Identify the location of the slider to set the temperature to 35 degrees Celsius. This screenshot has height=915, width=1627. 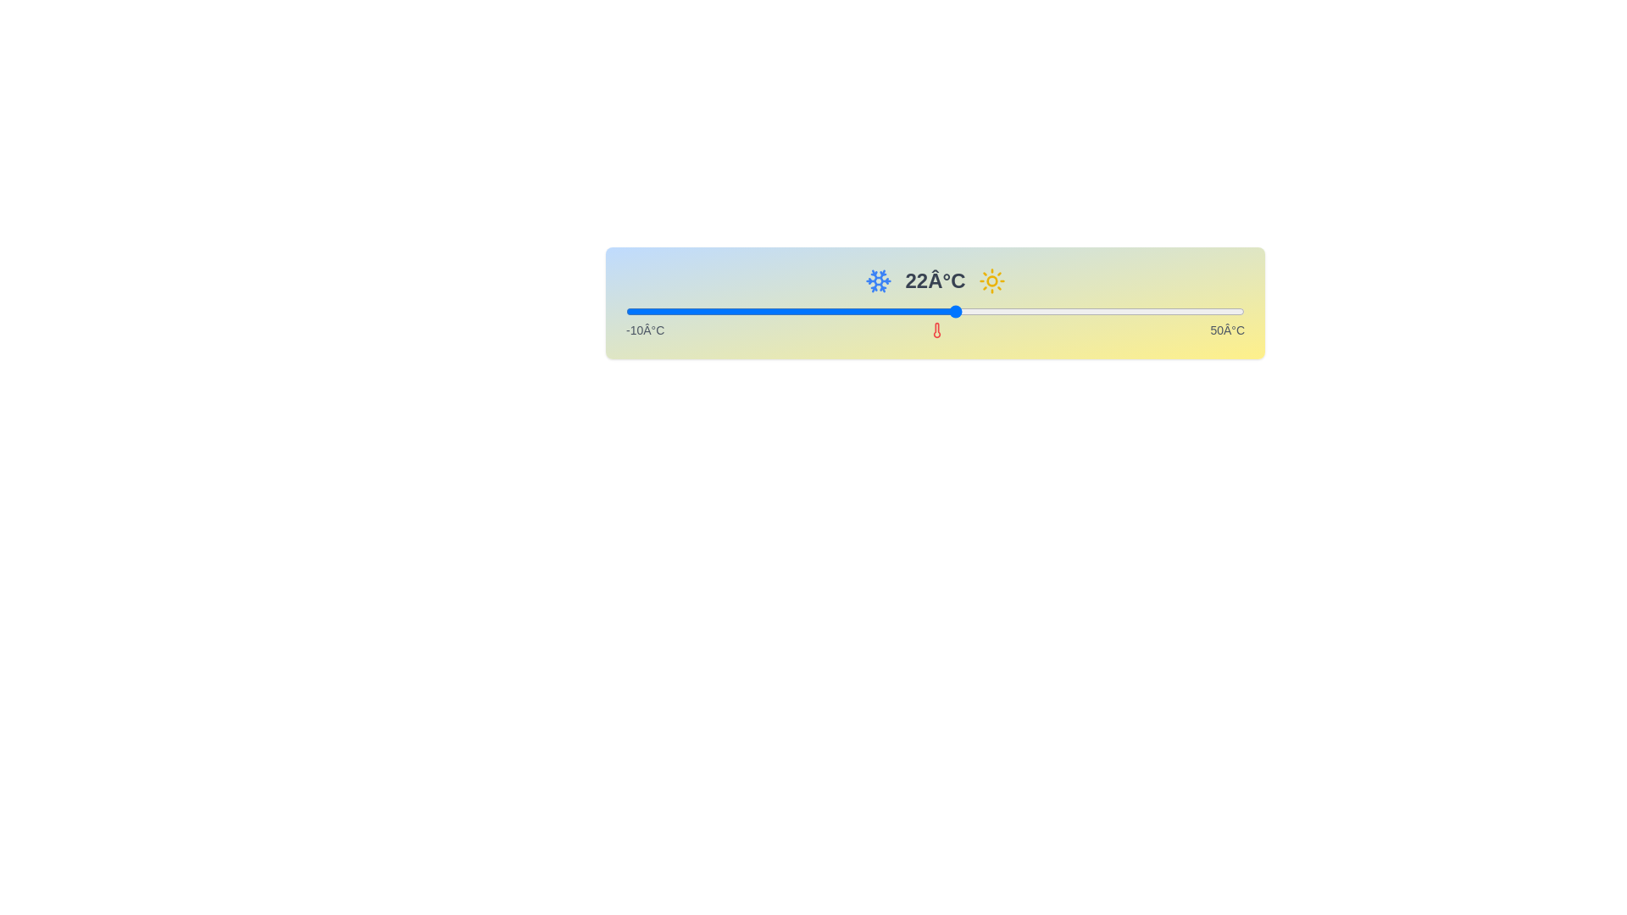
(1090, 311).